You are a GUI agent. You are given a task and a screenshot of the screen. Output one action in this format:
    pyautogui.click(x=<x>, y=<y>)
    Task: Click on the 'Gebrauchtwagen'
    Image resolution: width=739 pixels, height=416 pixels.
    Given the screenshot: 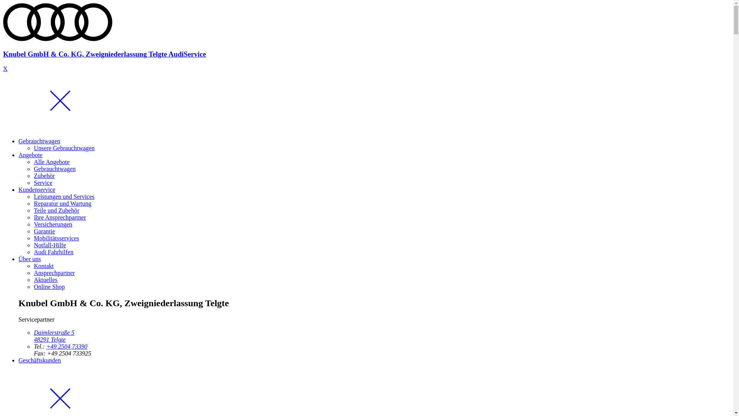 What is the action you would take?
    pyautogui.click(x=38, y=141)
    